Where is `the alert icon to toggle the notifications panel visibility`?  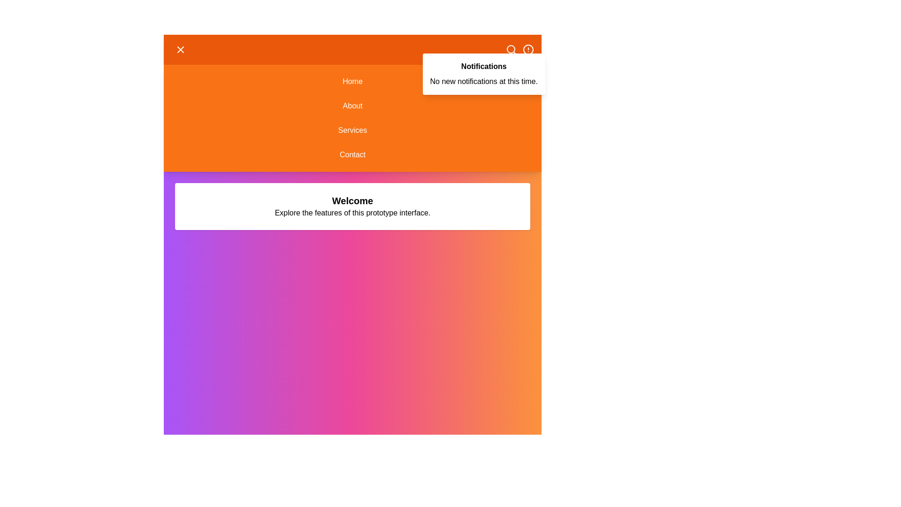
the alert icon to toggle the notifications panel visibility is located at coordinates (528, 49).